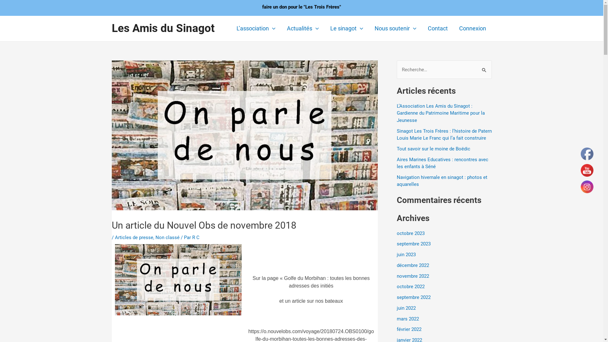 The image size is (608, 342). Describe the element at coordinates (412, 275) in the screenshot. I see `'novembre 2022'` at that location.